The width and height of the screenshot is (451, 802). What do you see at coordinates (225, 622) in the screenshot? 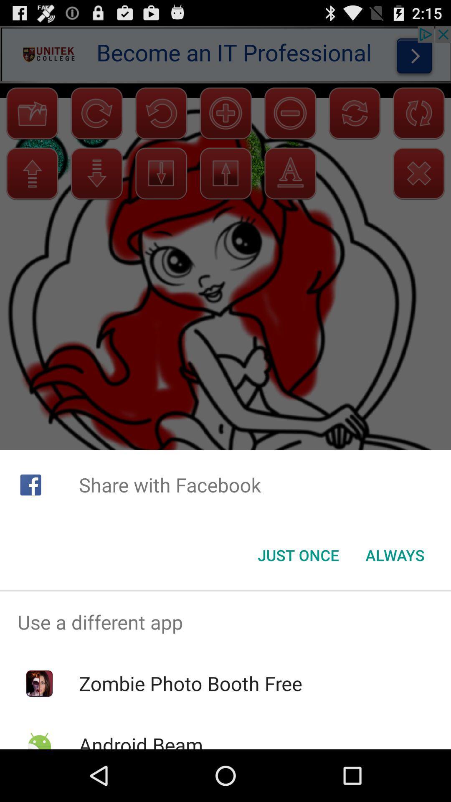
I see `the icon above zombie photo booth` at bounding box center [225, 622].